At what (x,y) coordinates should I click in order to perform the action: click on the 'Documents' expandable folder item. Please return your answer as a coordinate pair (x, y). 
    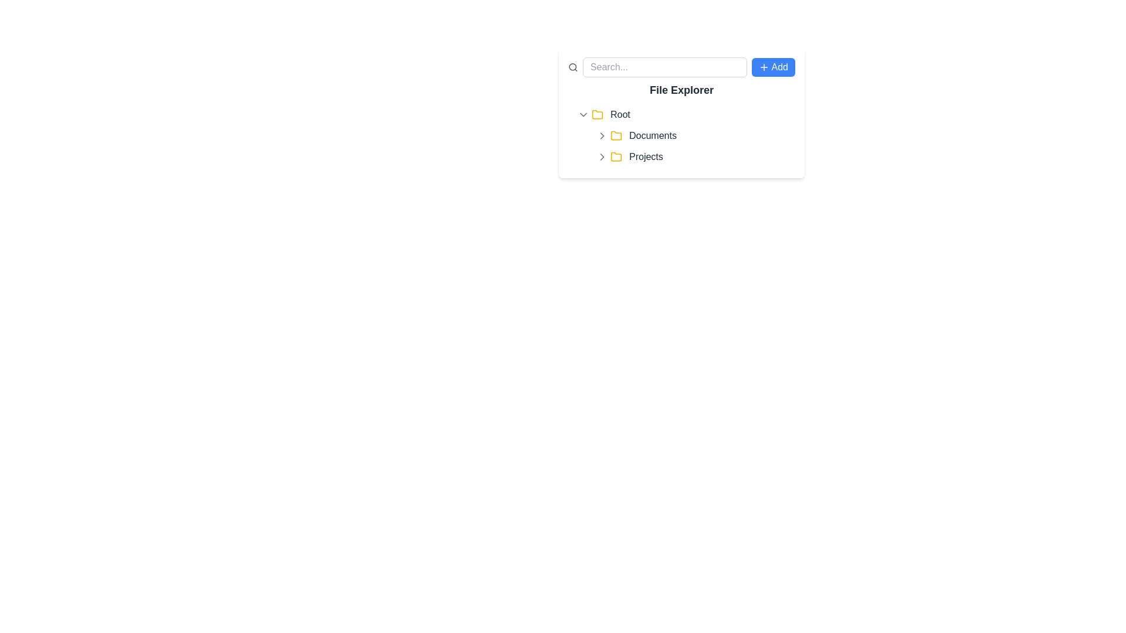
    Looking at the image, I should click on (694, 135).